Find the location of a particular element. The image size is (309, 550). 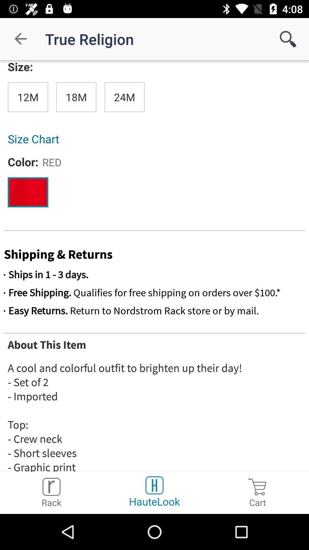

the 12m icon is located at coordinates (28, 97).